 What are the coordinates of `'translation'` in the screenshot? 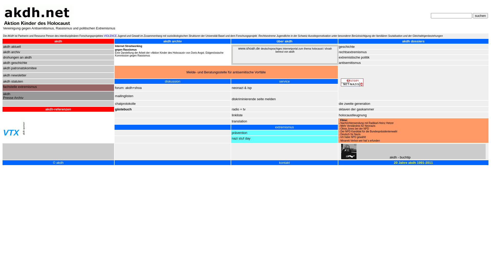 It's located at (231, 121).